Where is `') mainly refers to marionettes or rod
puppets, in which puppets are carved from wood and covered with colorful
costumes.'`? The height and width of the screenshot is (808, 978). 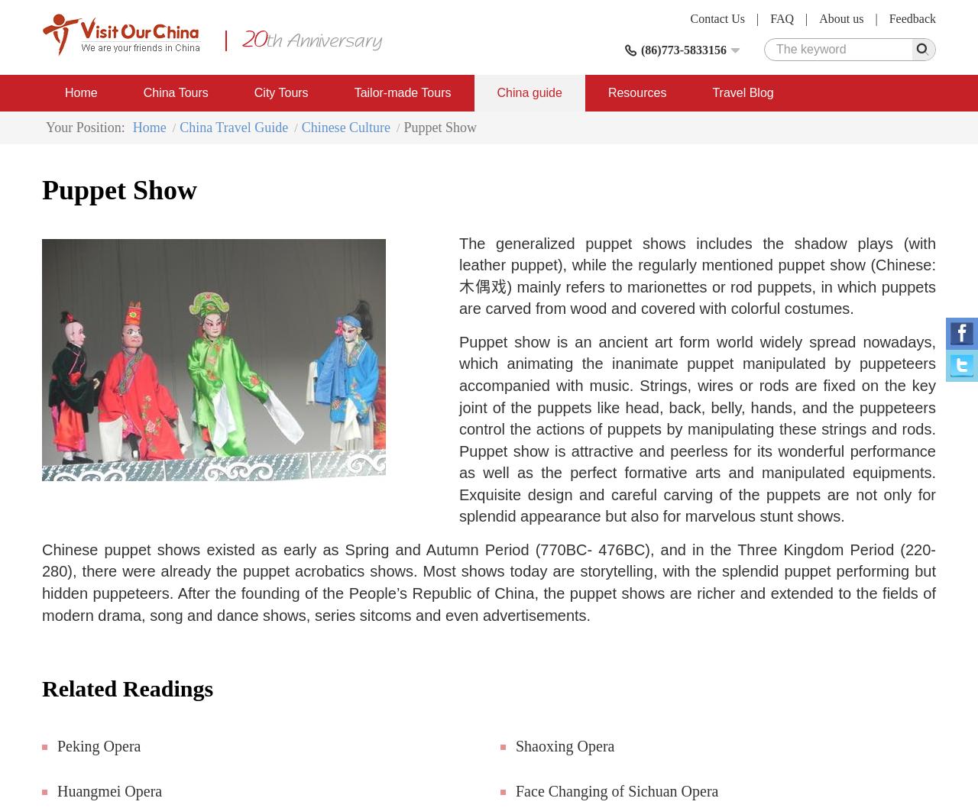 ') mainly refers to marionettes or rod
puppets, in which puppets are carved from wood and covered with colorful
costumes.' is located at coordinates (458, 297).